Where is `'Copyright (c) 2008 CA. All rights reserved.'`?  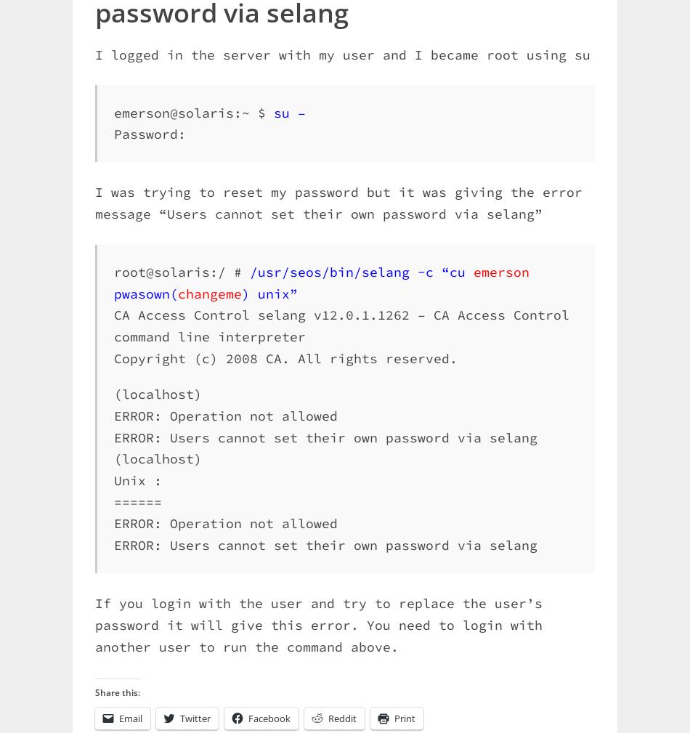
'Copyright (c) 2008 CA. All rights reserved.' is located at coordinates (285, 357).